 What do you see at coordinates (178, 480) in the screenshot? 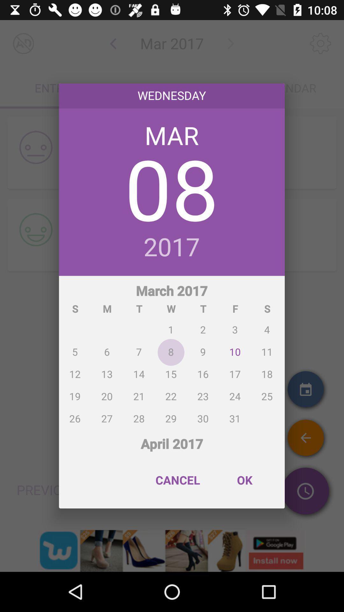
I see `the cancel button` at bounding box center [178, 480].